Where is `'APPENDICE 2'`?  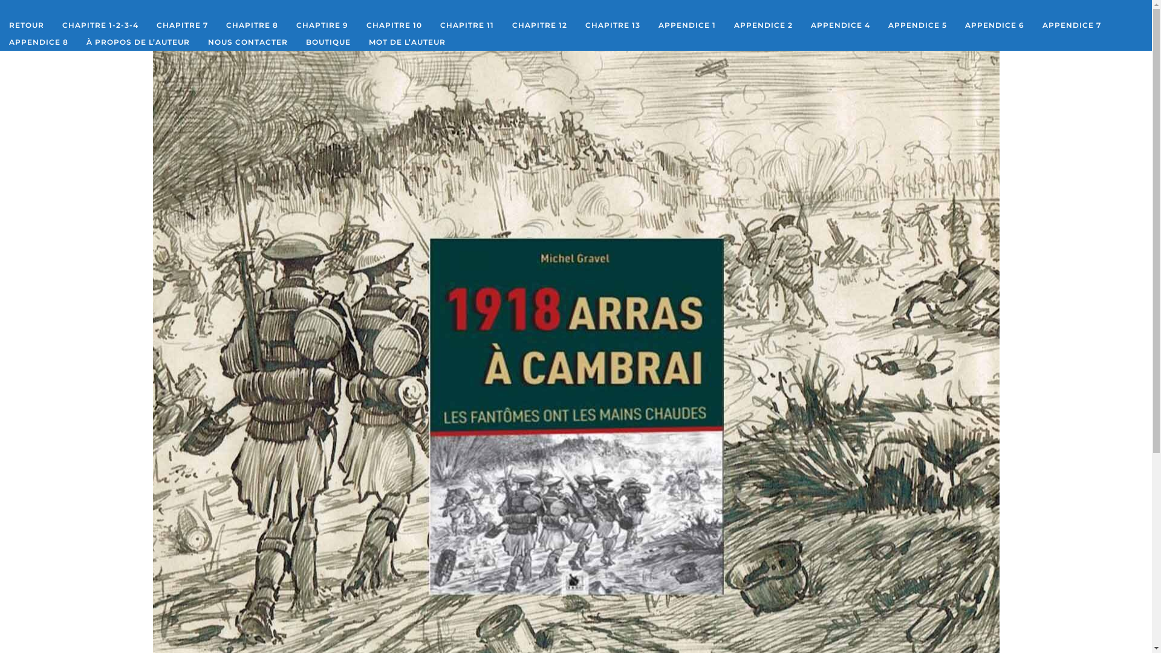
'APPENDICE 2' is located at coordinates (763, 25).